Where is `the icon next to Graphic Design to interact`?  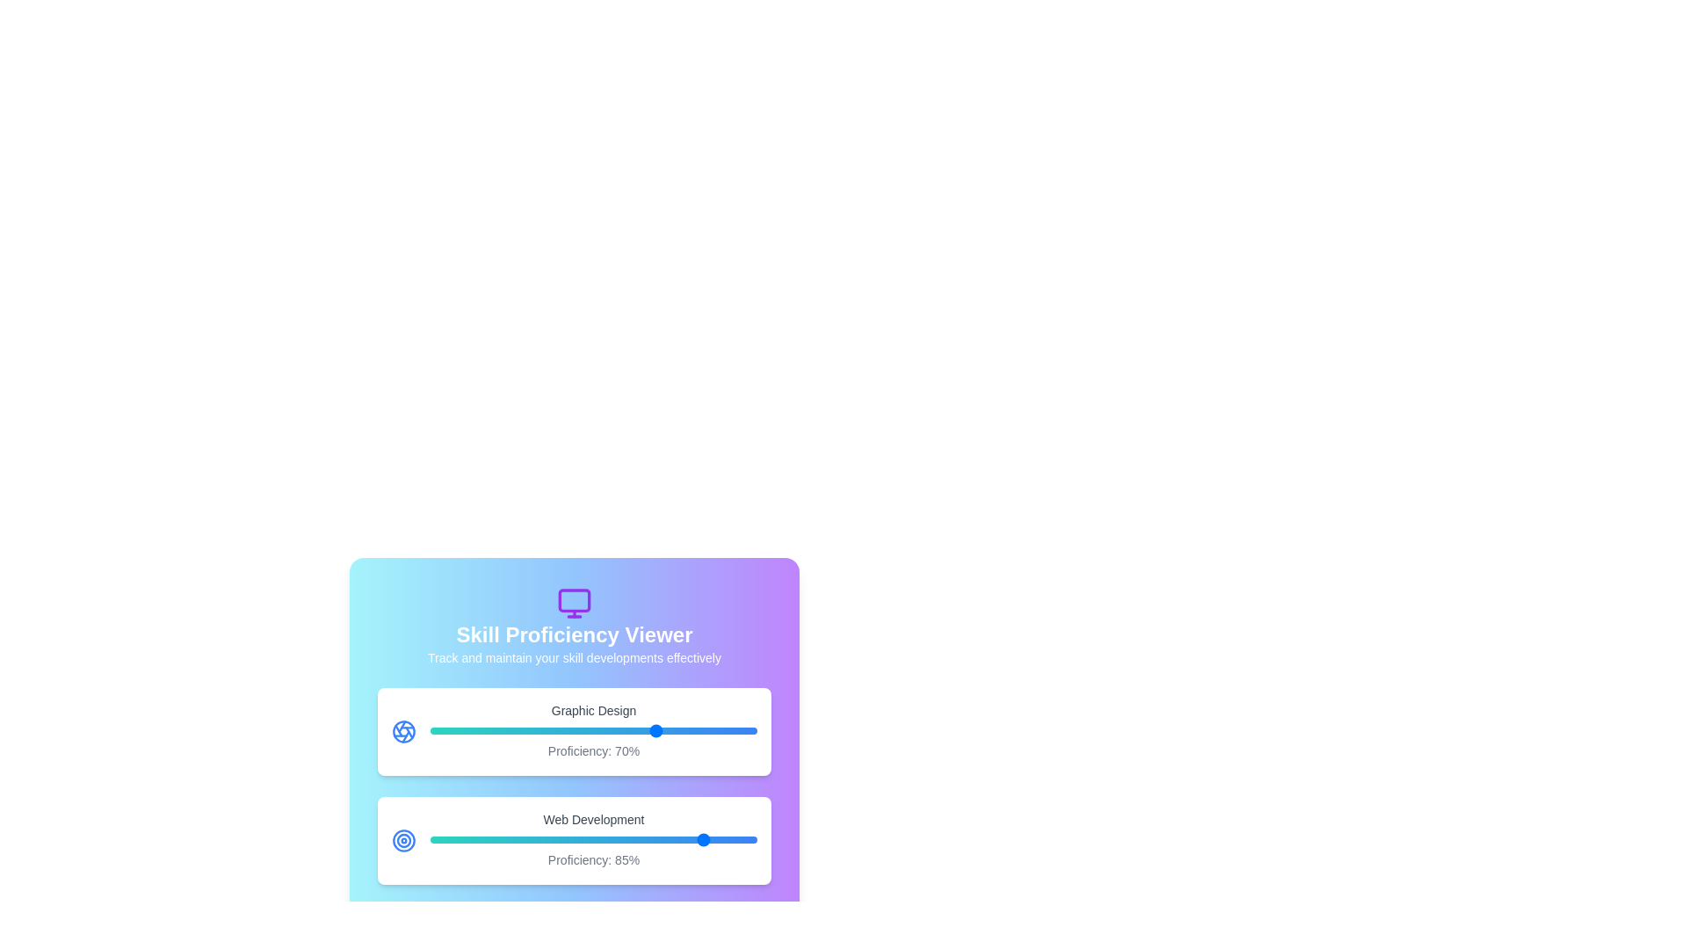 the icon next to Graphic Design to interact is located at coordinates (403, 732).